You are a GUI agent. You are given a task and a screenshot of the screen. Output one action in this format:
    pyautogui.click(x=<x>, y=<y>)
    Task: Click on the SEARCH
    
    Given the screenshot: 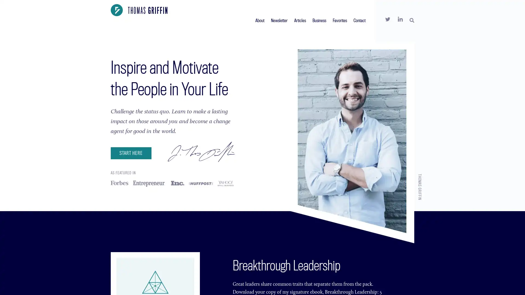 What is the action you would take?
    pyautogui.click(x=412, y=20)
    